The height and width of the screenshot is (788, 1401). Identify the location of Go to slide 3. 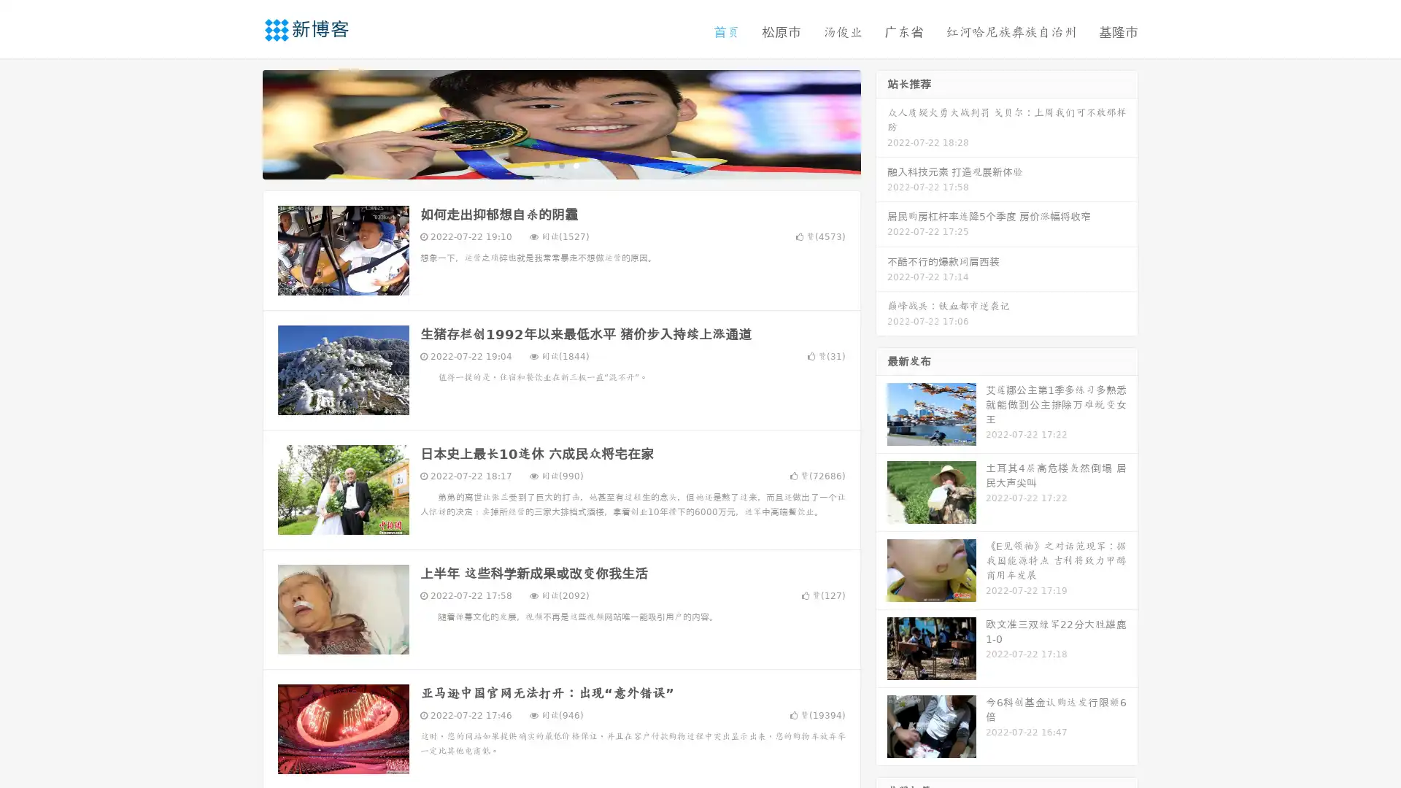
(576, 164).